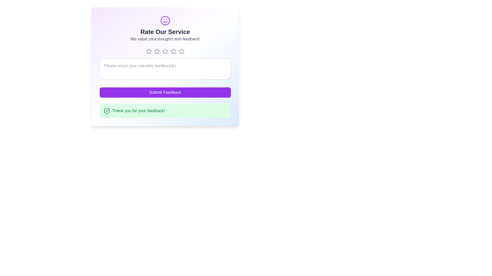 The image size is (492, 276). What do you see at coordinates (165, 20) in the screenshot?
I see `the purple smiling face icon located at the top center of the feedback interface, above the heading 'Rate Our Service'` at bounding box center [165, 20].